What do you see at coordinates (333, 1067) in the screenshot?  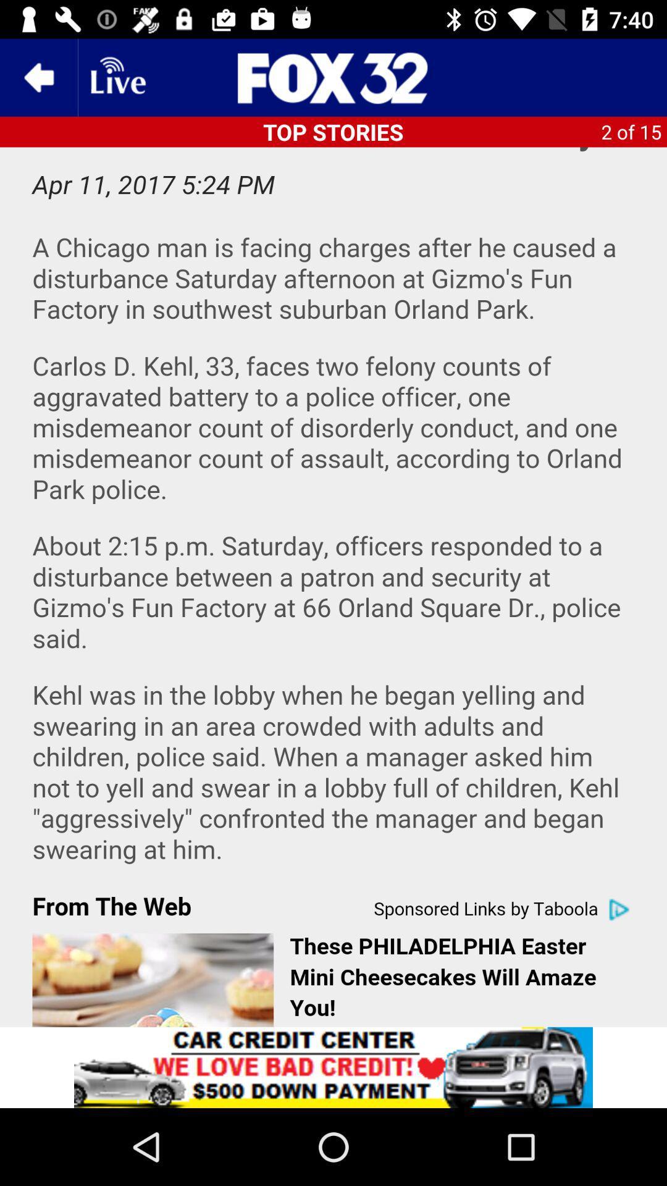 I see `advertisement` at bounding box center [333, 1067].